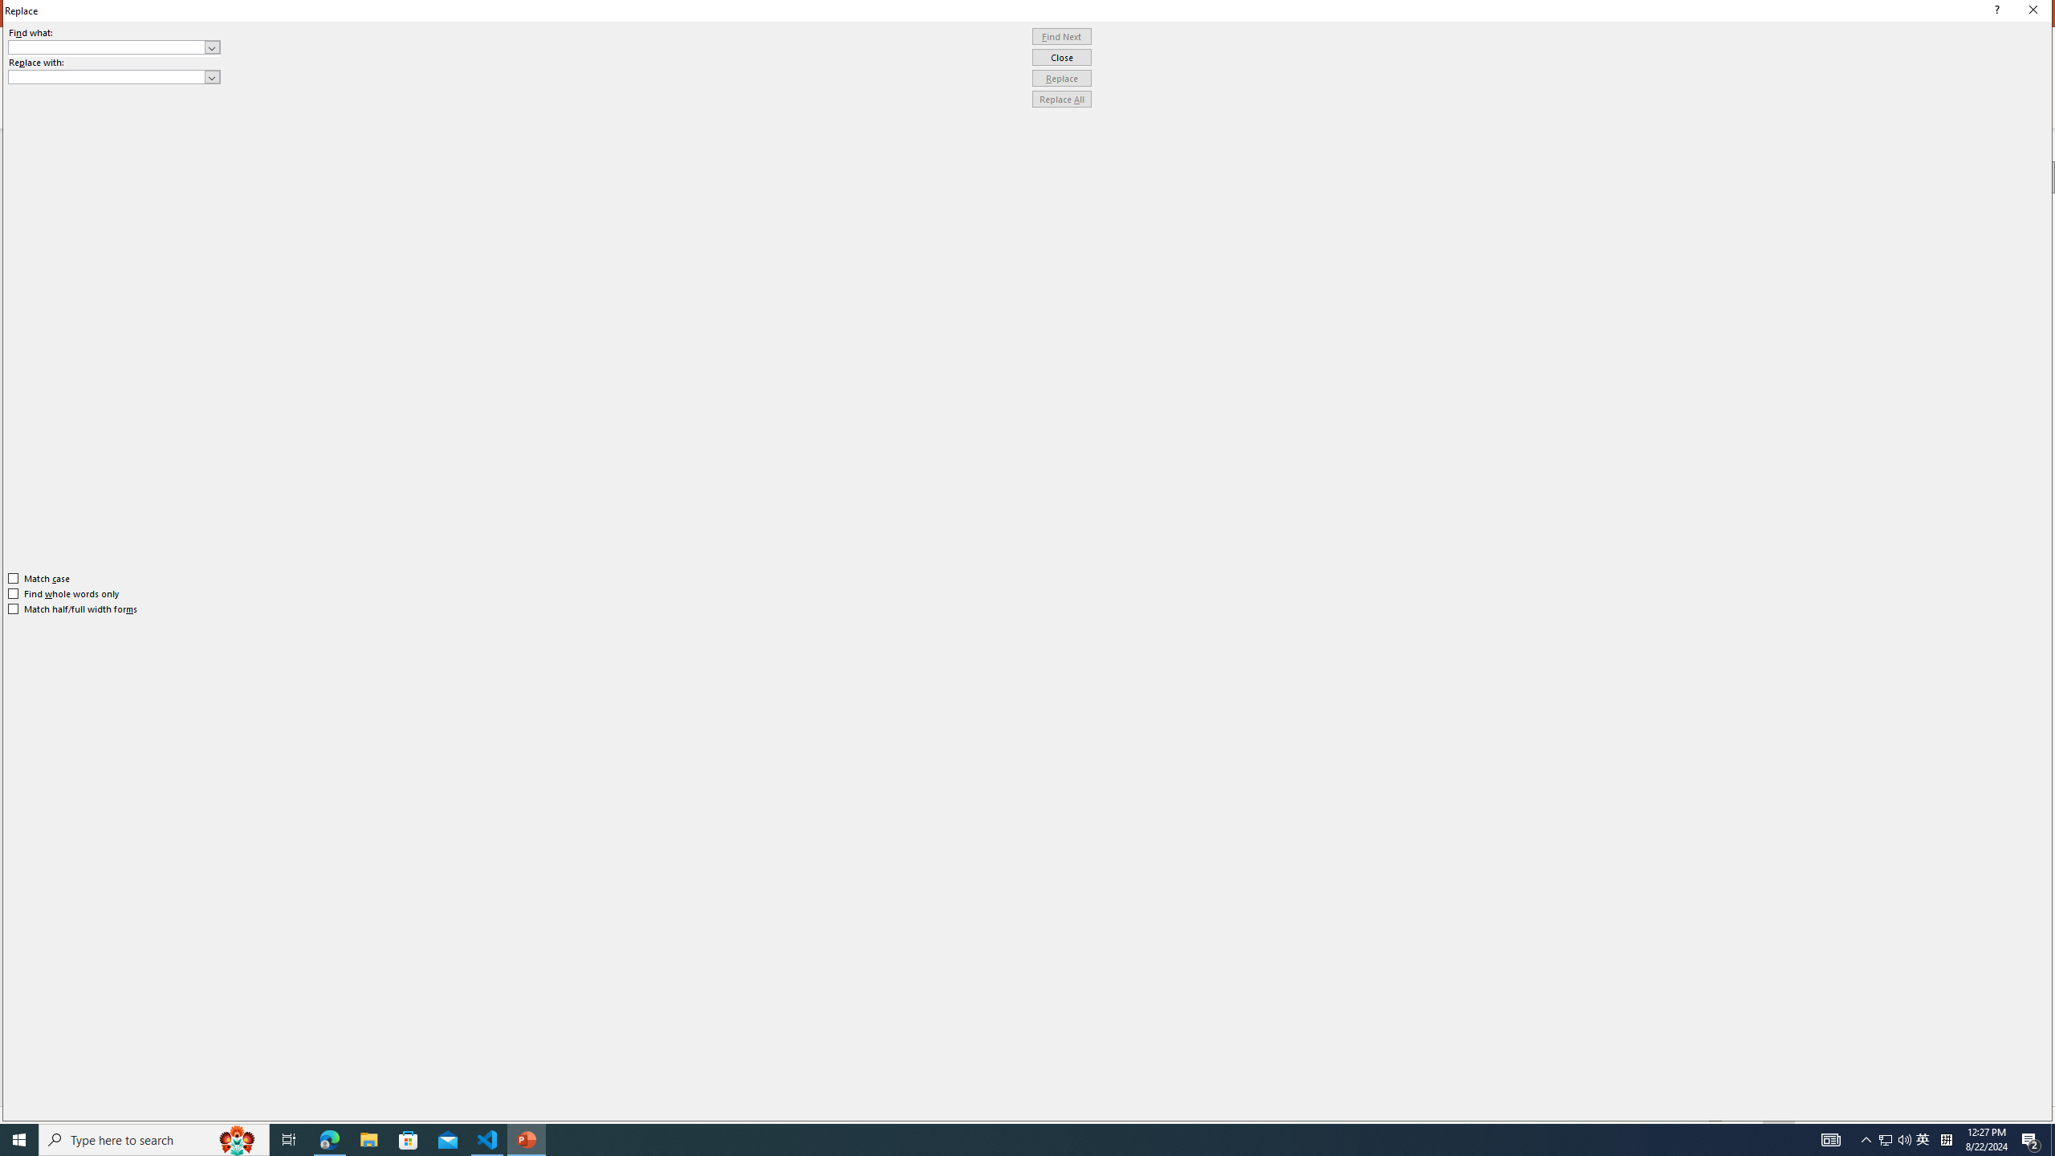 The image size is (2055, 1156). I want to click on 'Find what', so click(107, 47).